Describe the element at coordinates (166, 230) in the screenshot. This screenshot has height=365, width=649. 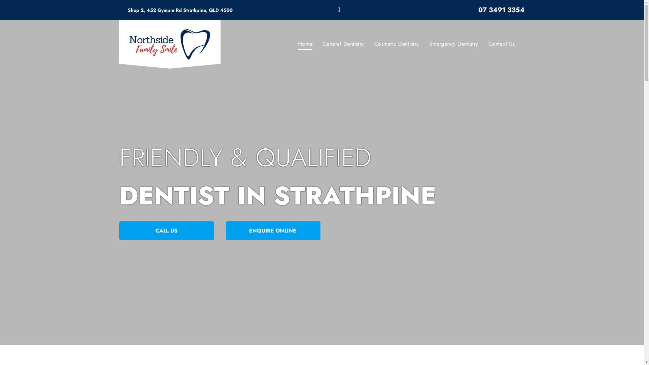
I see `'CALL US'` at that location.